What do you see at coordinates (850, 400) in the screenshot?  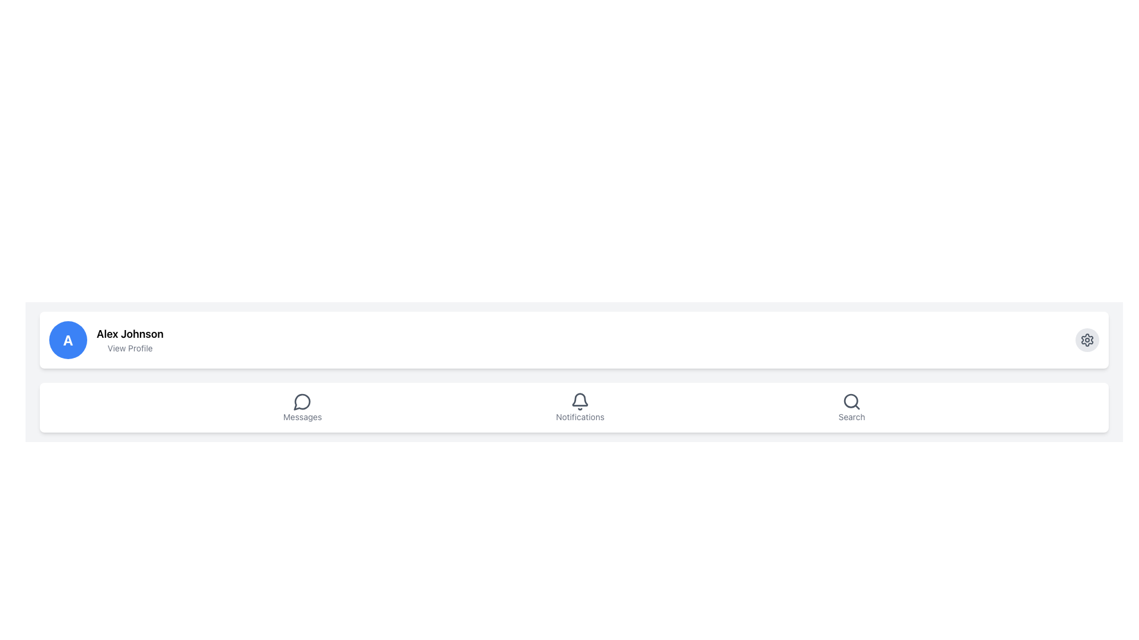 I see `the visual representation of the glass part of the magnifying glass symbol, which is part of the 'Search' feature located to the right of the navigation bar at the bottom of the page` at bounding box center [850, 400].